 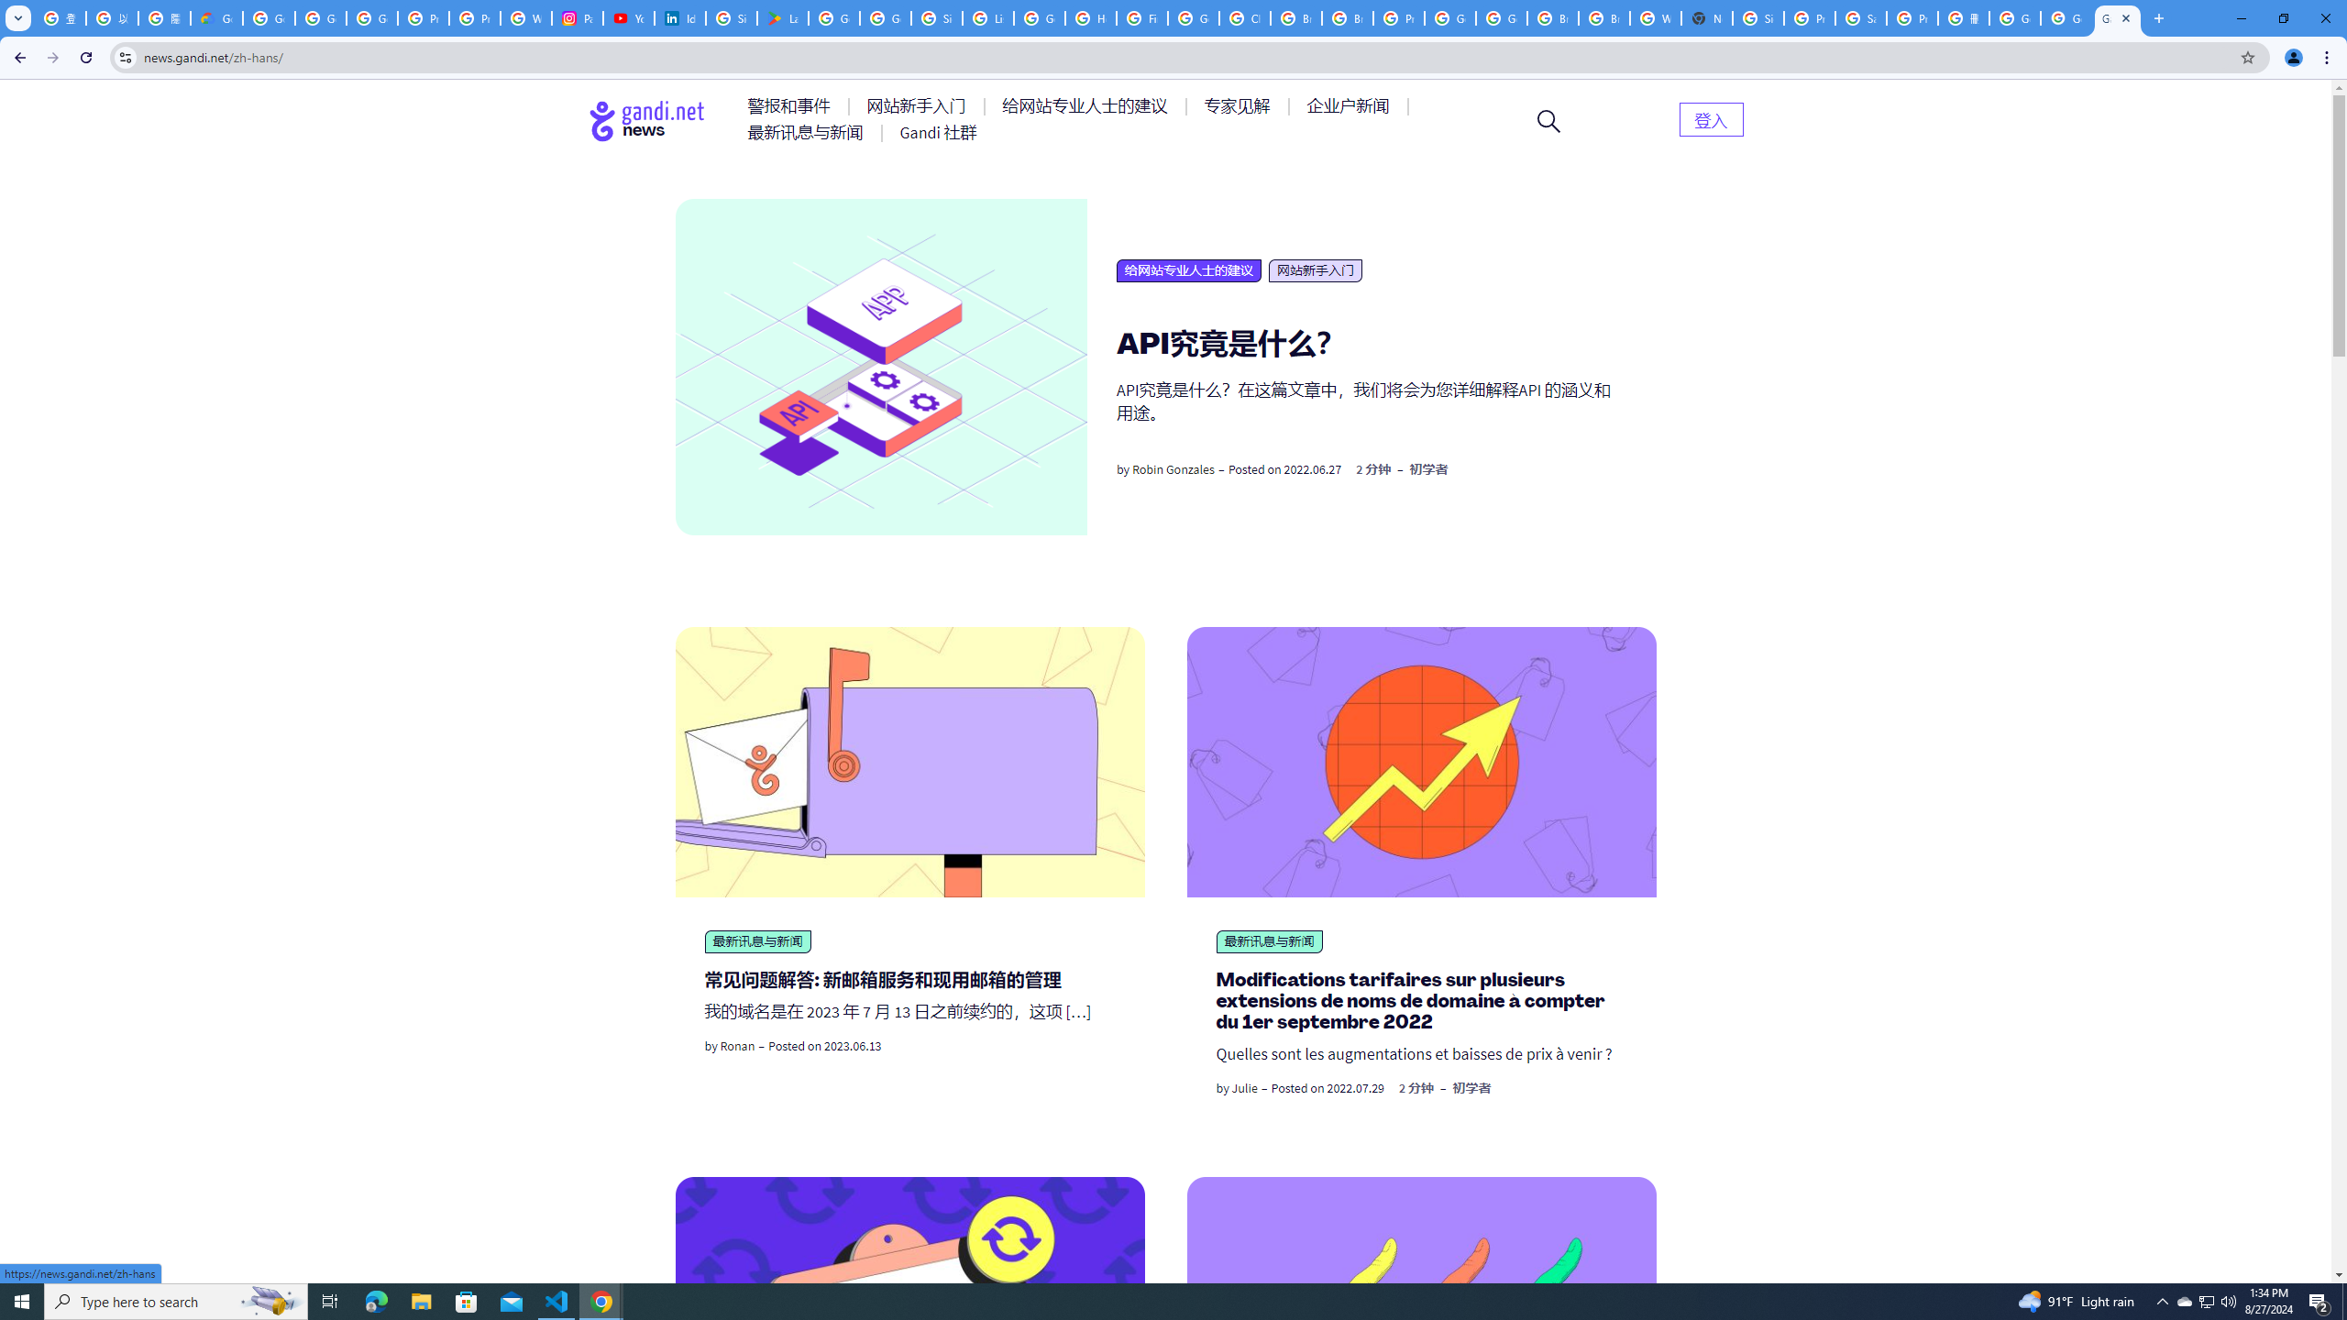 I want to click on 'How do I create a new Google Account? - Google Account Help', so click(x=1090, y=17).